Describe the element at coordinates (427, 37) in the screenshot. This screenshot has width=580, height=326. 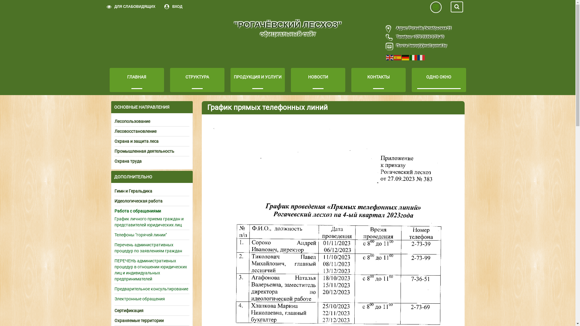
I see `'+375 2339 2-73-40'` at that location.